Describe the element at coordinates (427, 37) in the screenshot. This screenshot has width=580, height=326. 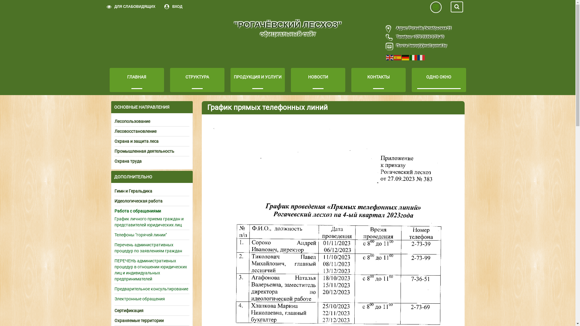
I see `'+375 2339 2-73-40'` at that location.